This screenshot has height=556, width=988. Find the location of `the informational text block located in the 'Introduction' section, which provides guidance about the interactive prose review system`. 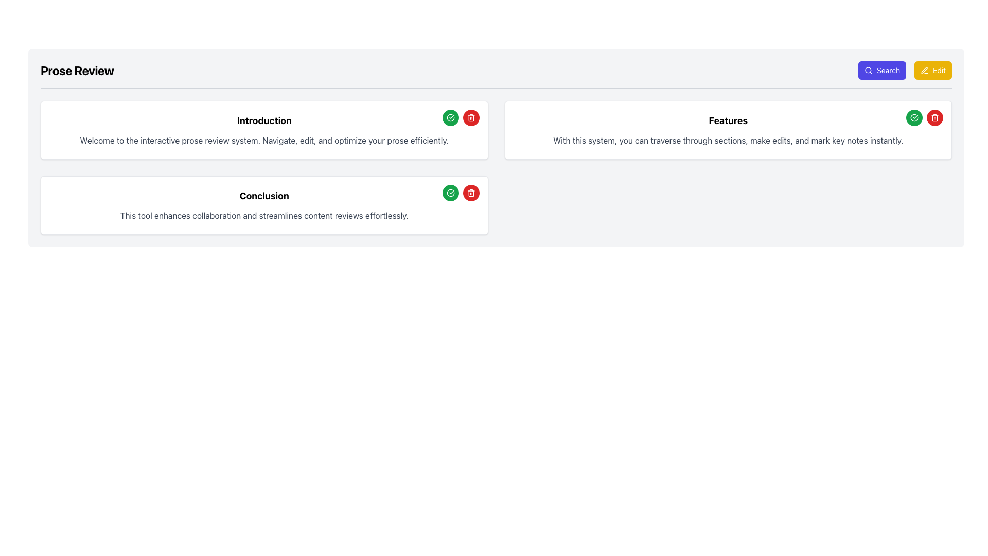

the informational text block located in the 'Introduction' section, which provides guidance about the interactive prose review system is located at coordinates (264, 141).